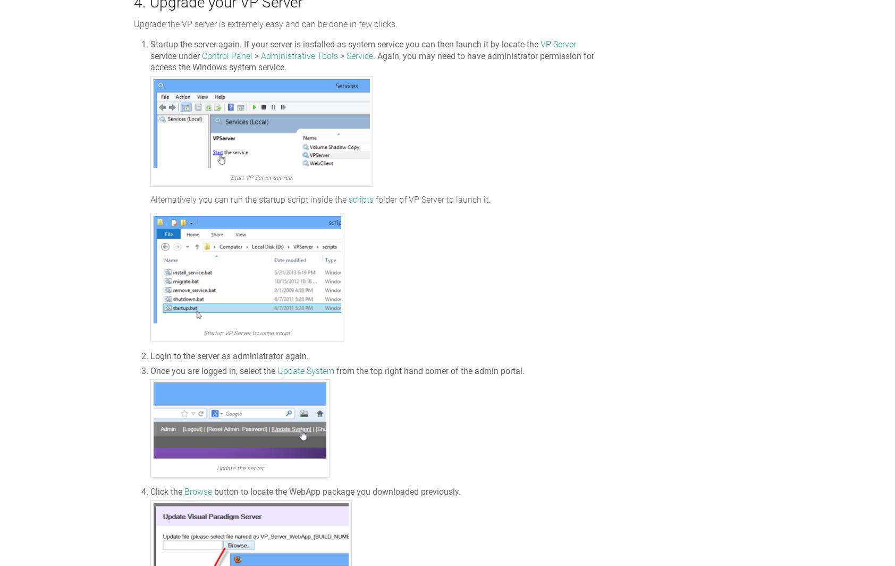 The width and height of the screenshot is (895, 566). Describe the element at coordinates (265, 24) in the screenshot. I see `'Upgrade the VP server is extremely easy and can be done in few clicks.'` at that location.